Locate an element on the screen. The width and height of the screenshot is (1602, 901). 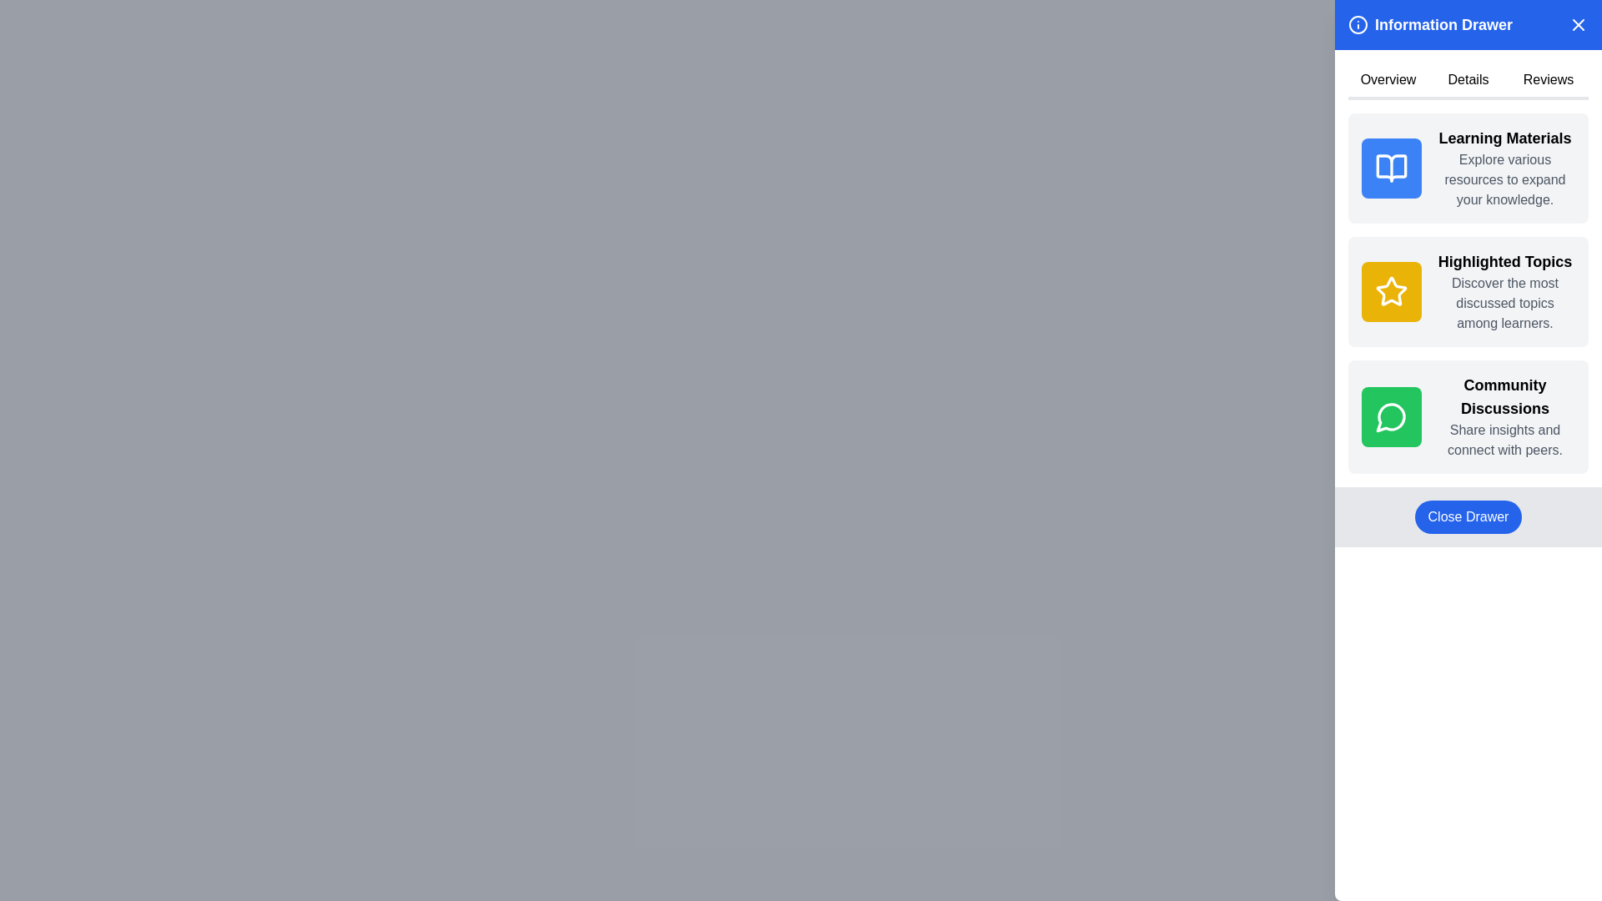
the Text and description block that provides information about the 'Highlighted Topics' feature, located in the right-side panel under the 'Highlighted Topics' section, specifically the second card in the vertical list is located at coordinates (1505, 291).